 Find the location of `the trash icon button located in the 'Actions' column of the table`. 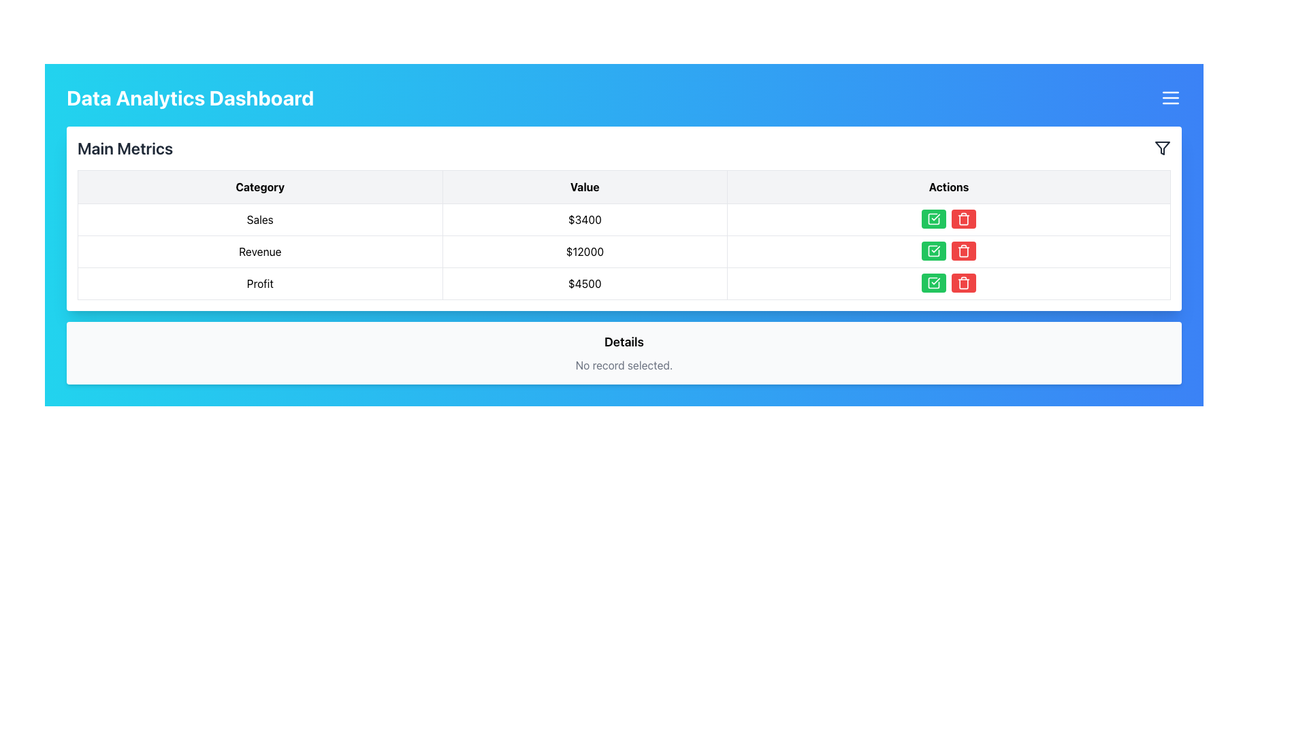

the trash icon button located in the 'Actions' column of the table is located at coordinates (963, 218).